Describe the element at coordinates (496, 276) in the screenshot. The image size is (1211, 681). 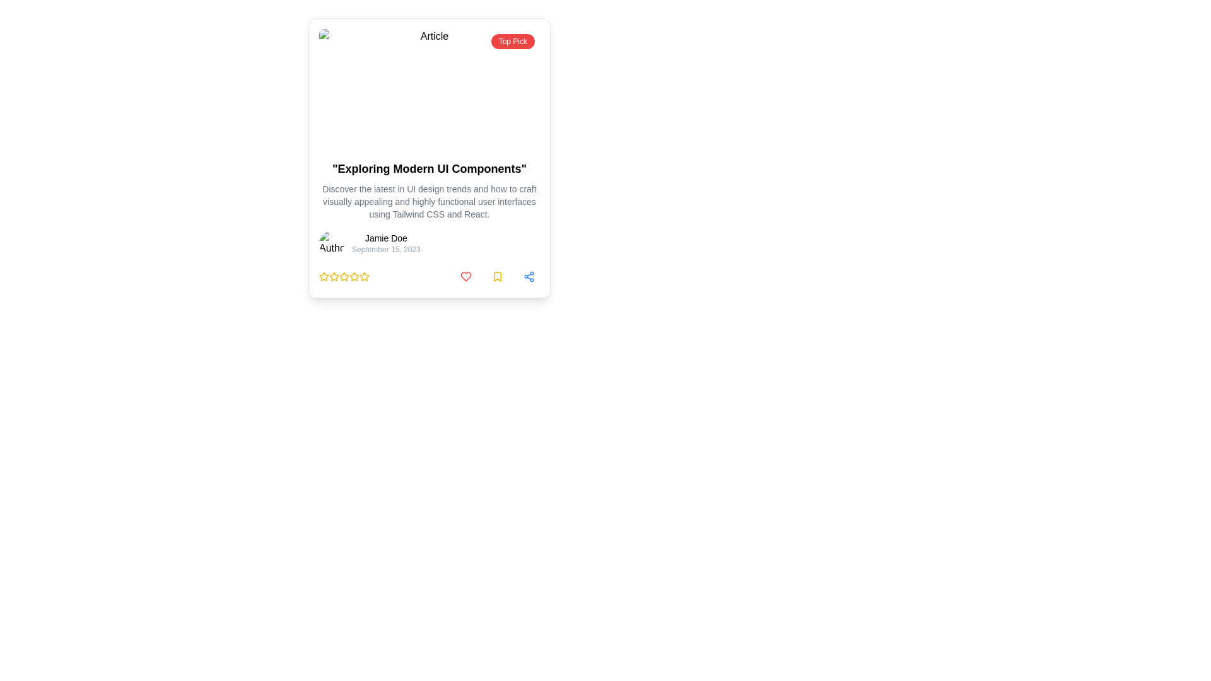
I see `the second icon from the left in the horizontal set of icons below the card content` at that location.